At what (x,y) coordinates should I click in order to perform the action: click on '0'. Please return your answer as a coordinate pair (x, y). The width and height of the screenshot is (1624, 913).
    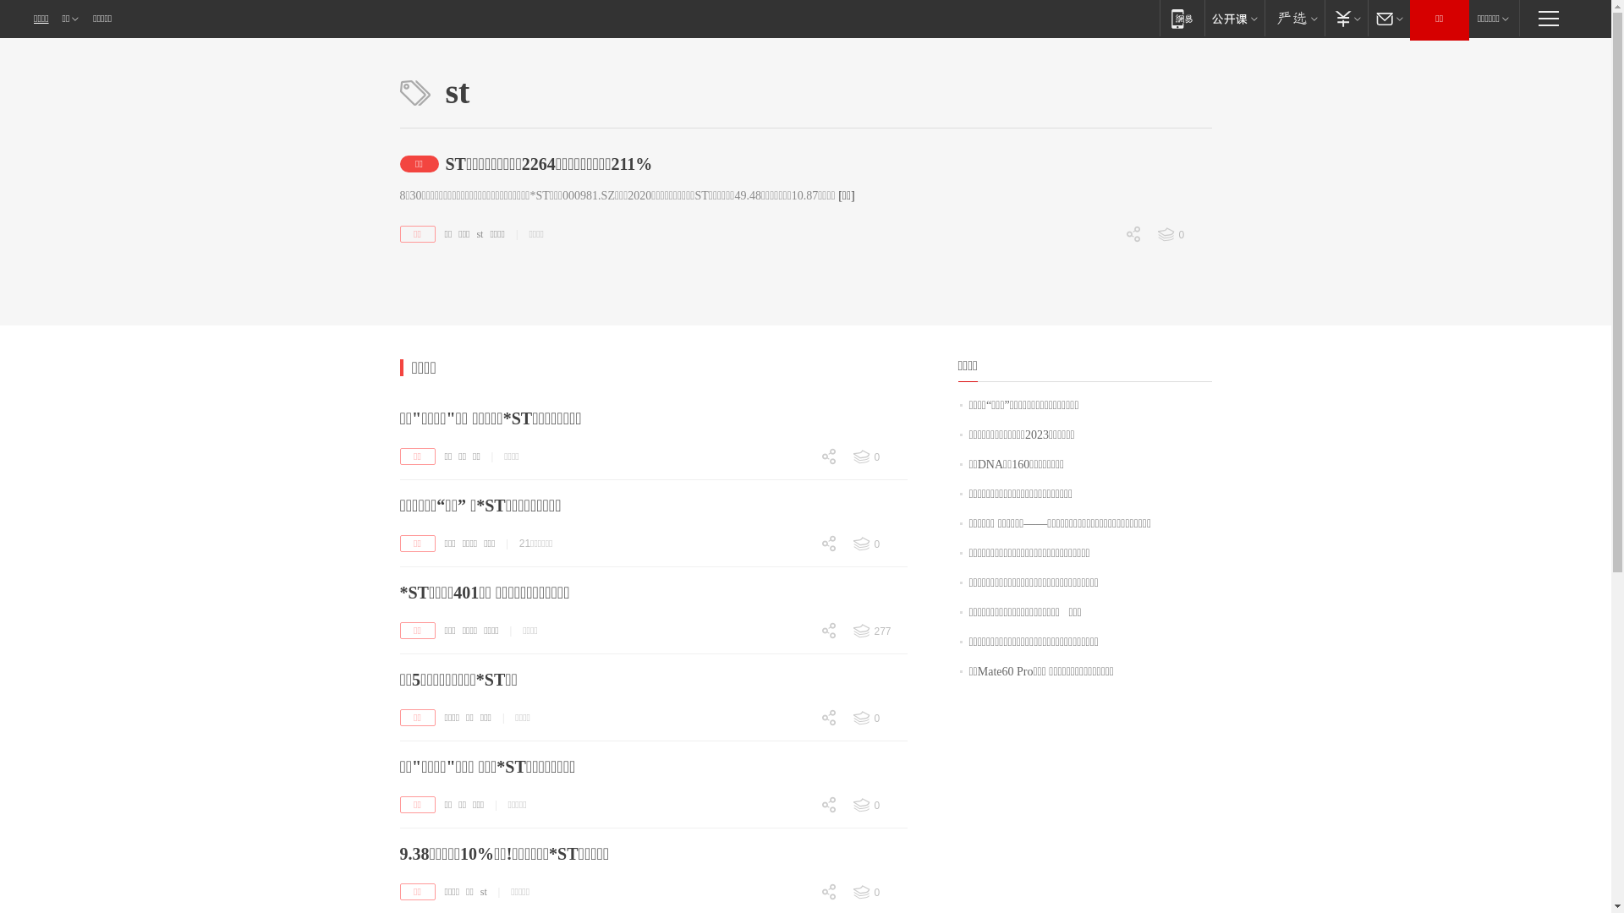
    Looking at the image, I should click on (794, 748).